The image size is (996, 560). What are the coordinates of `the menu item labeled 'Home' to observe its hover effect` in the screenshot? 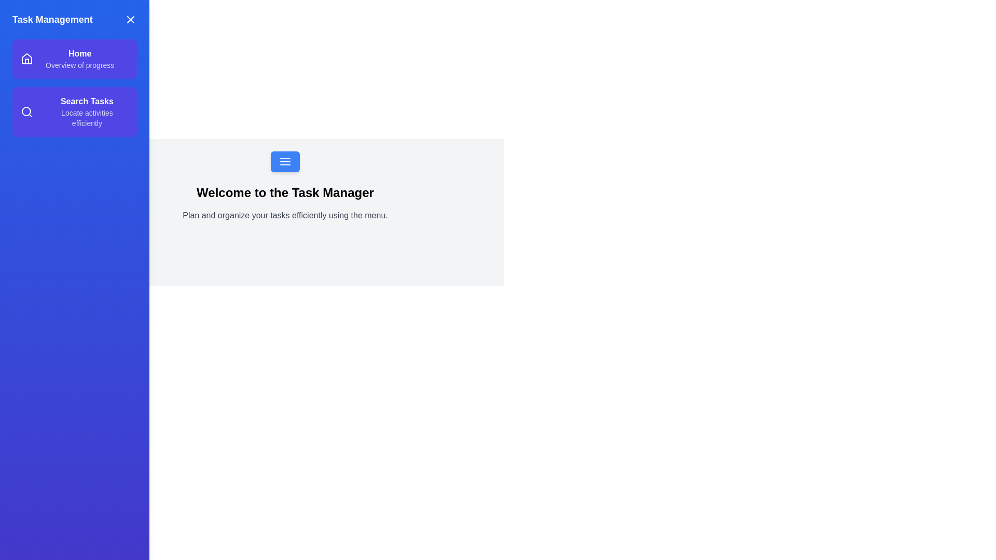 It's located at (74, 59).